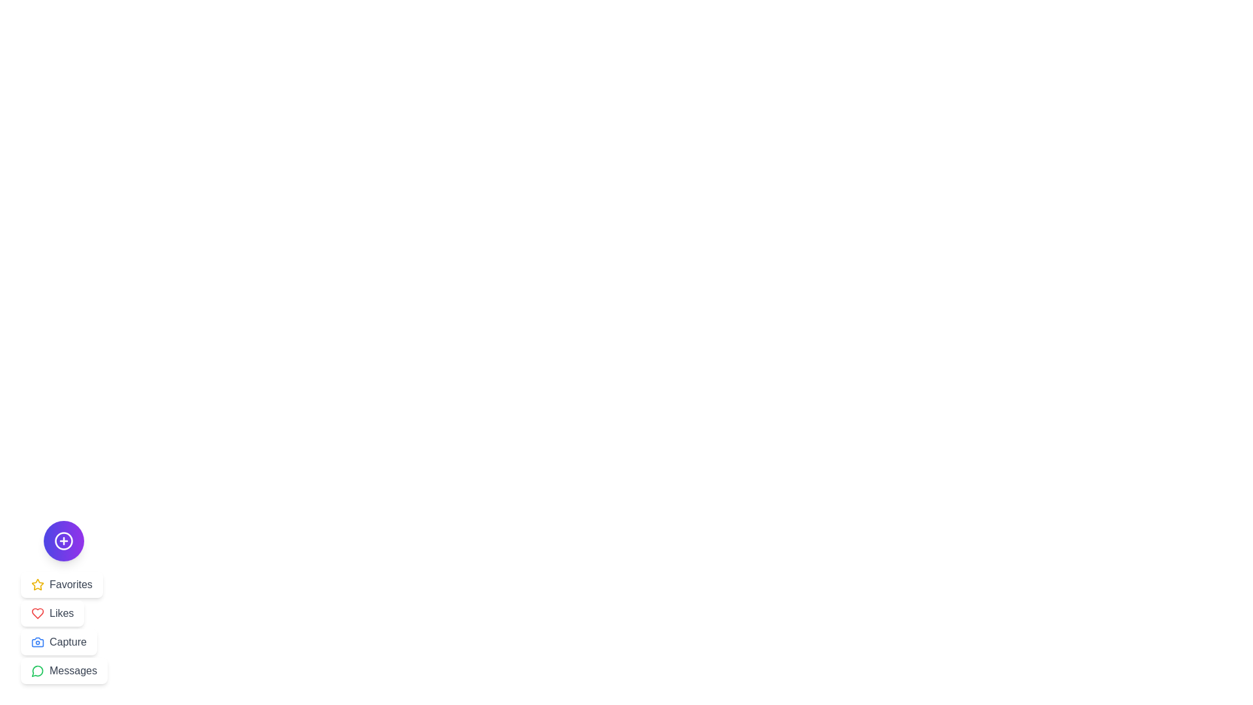 Image resolution: width=1253 pixels, height=705 pixels. Describe the element at coordinates (63, 541) in the screenshot. I see `the main button to toggle the visibility of the speed dial menu` at that location.